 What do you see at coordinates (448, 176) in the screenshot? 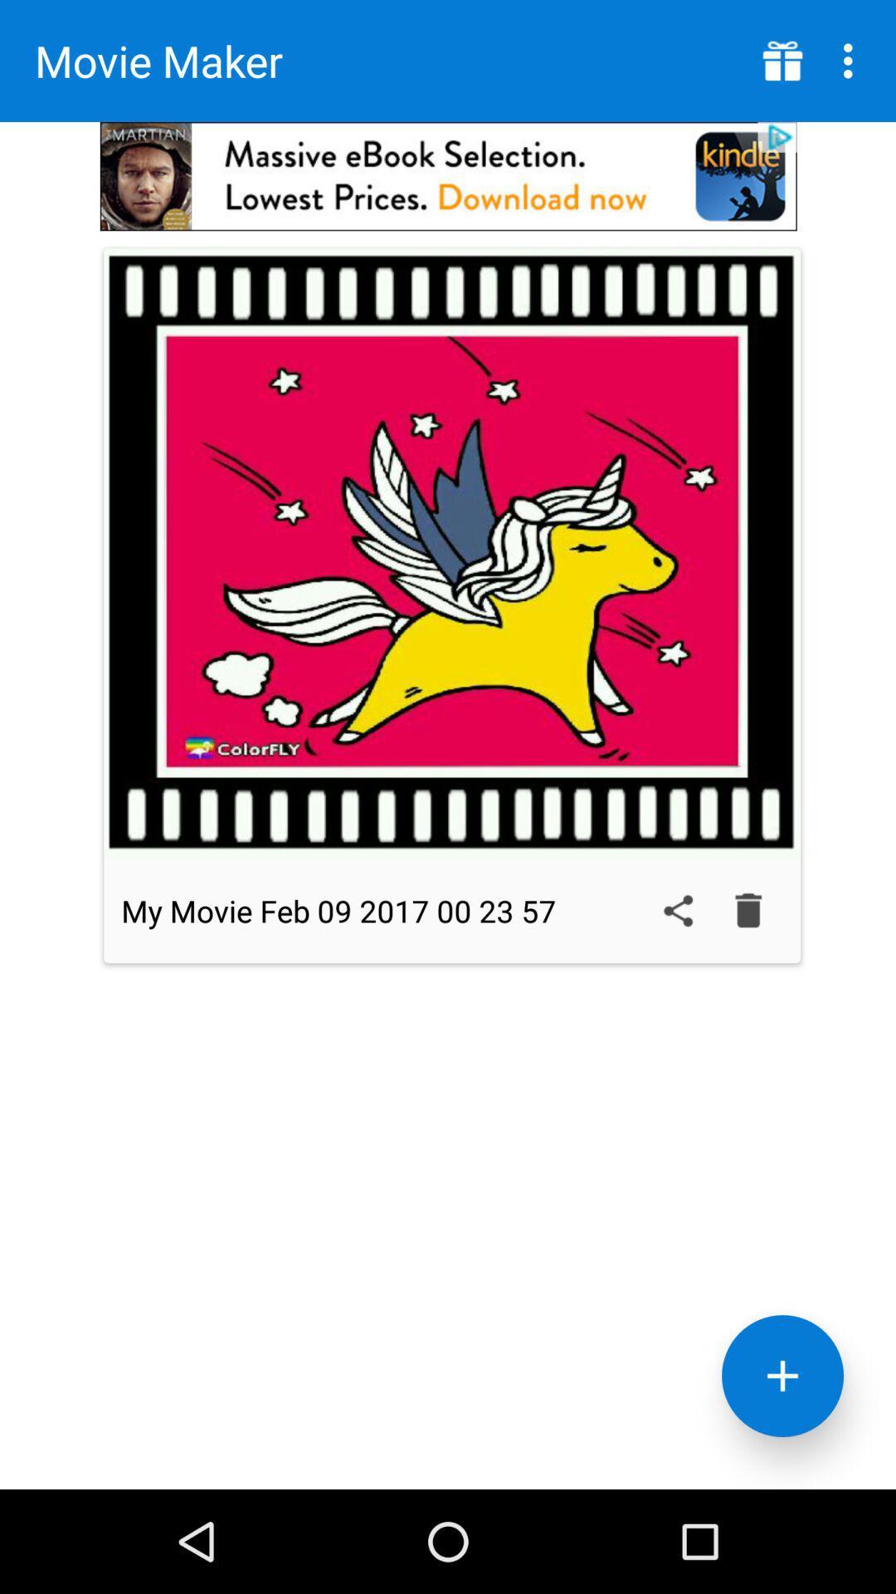
I see `open advertisement` at bounding box center [448, 176].